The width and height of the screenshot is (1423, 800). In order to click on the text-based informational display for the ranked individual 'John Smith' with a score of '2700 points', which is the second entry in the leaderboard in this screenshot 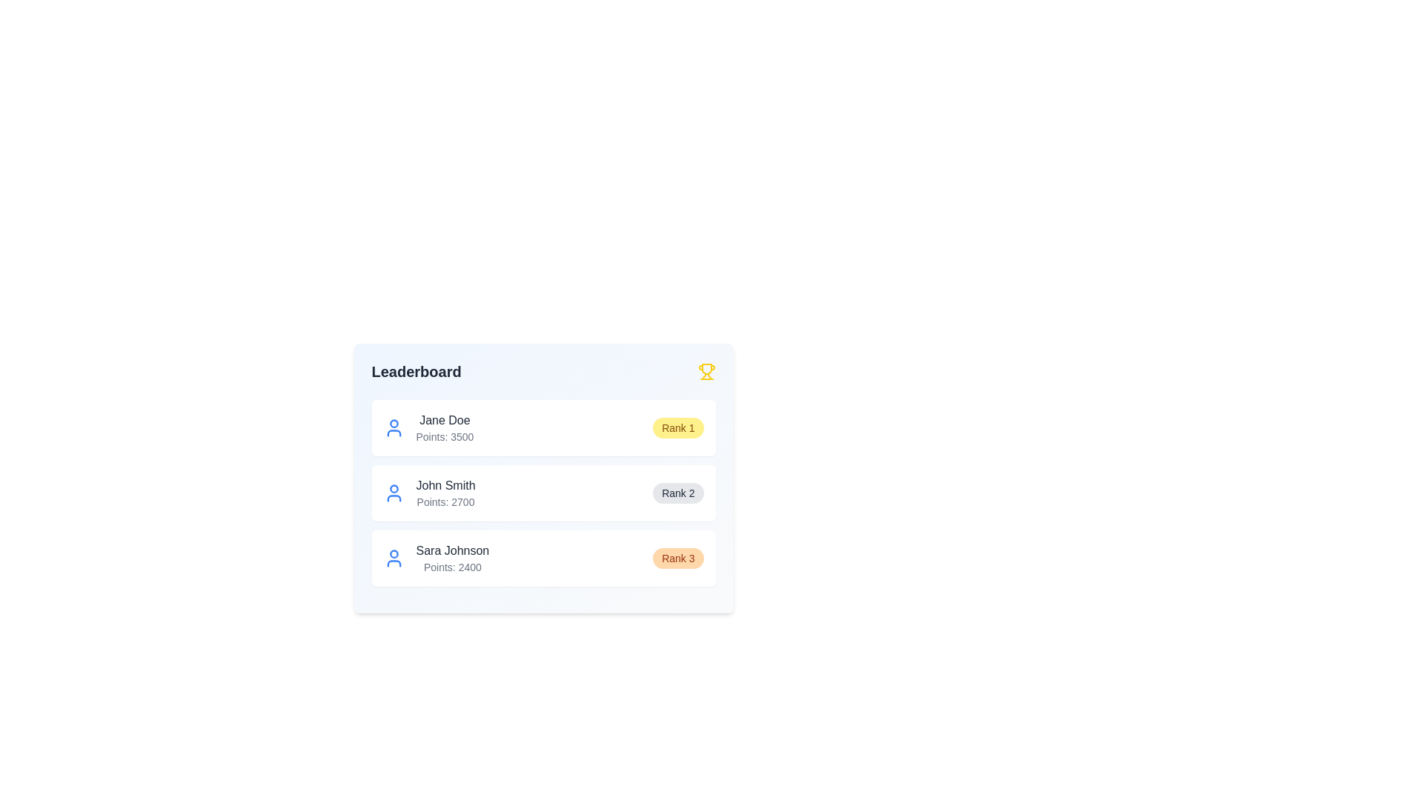, I will do `click(445, 493)`.